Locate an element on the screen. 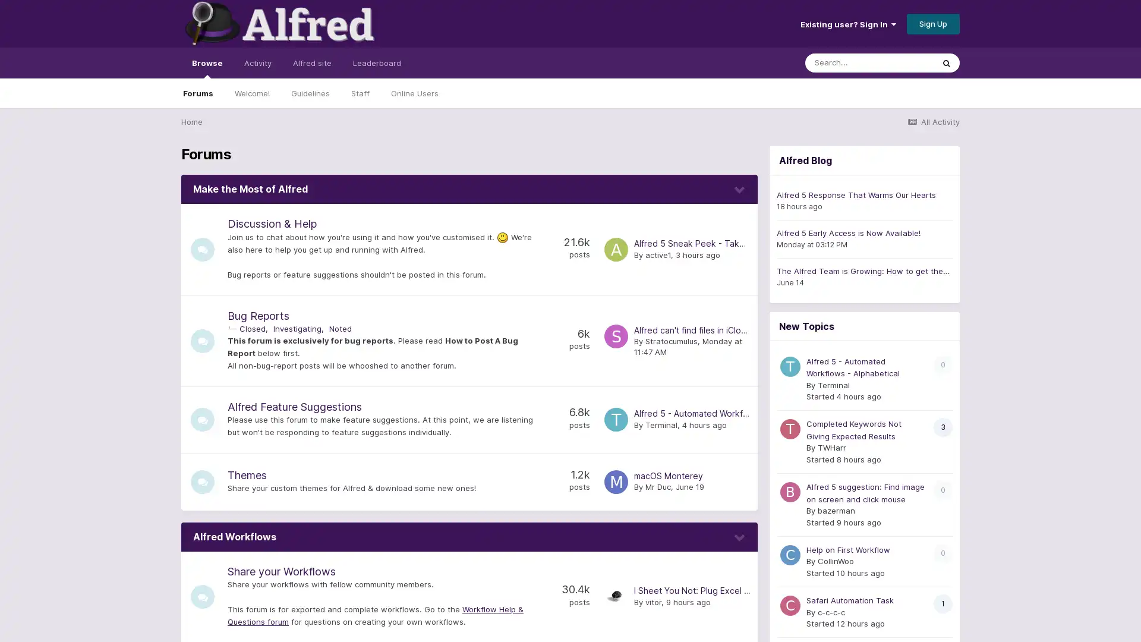 The height and width of the screenshot is (642, 1141). Search is located at coordinates (946, 62).